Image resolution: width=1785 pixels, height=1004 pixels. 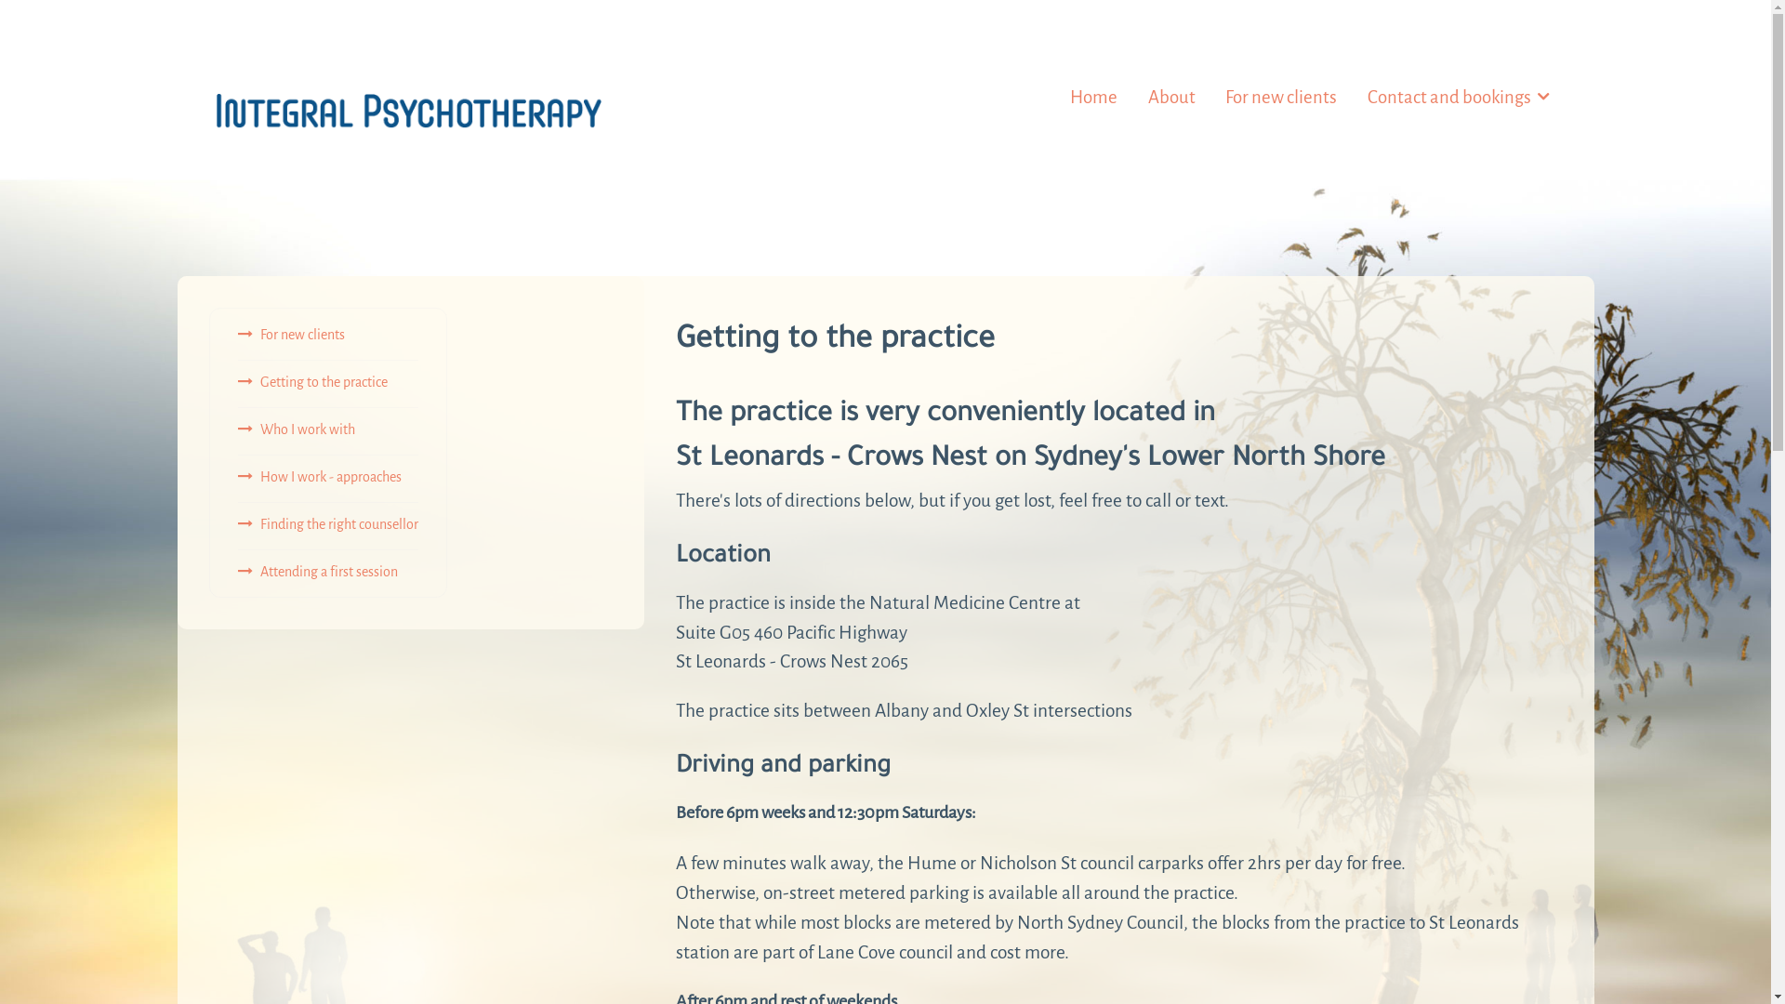 What do you see at coordinates (295, 429) in the screenshot?
I see `'Who I work with'` at bounding box center [295, 429].